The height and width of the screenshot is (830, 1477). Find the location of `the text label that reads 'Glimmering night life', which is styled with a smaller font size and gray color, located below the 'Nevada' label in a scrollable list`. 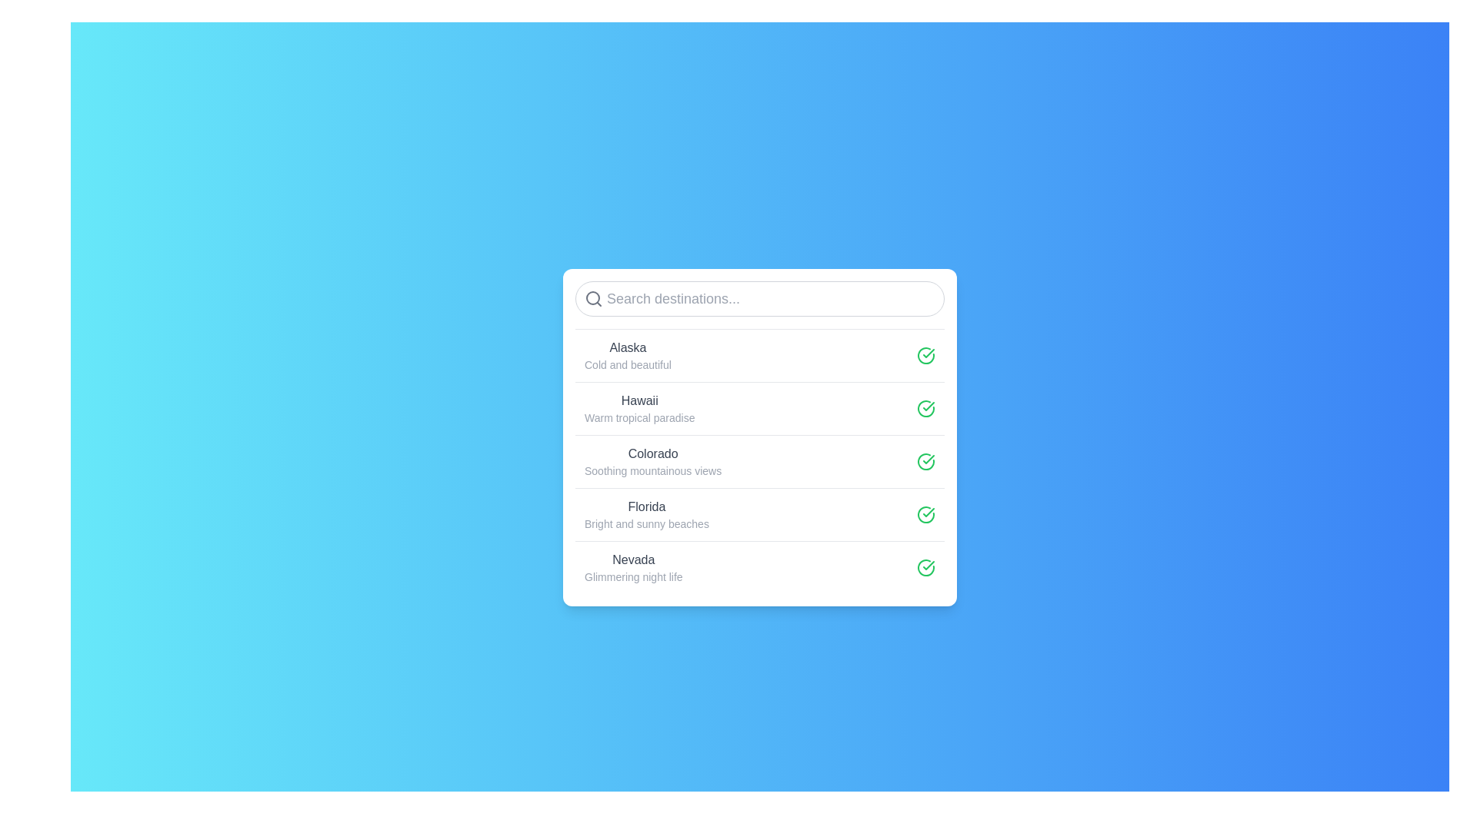

the text label that reads 'Glimmering night life', which is styled with a smaller font size and gray color, located below the 'Nevada' label in a scrollable list is located at coordinates (633, 576).